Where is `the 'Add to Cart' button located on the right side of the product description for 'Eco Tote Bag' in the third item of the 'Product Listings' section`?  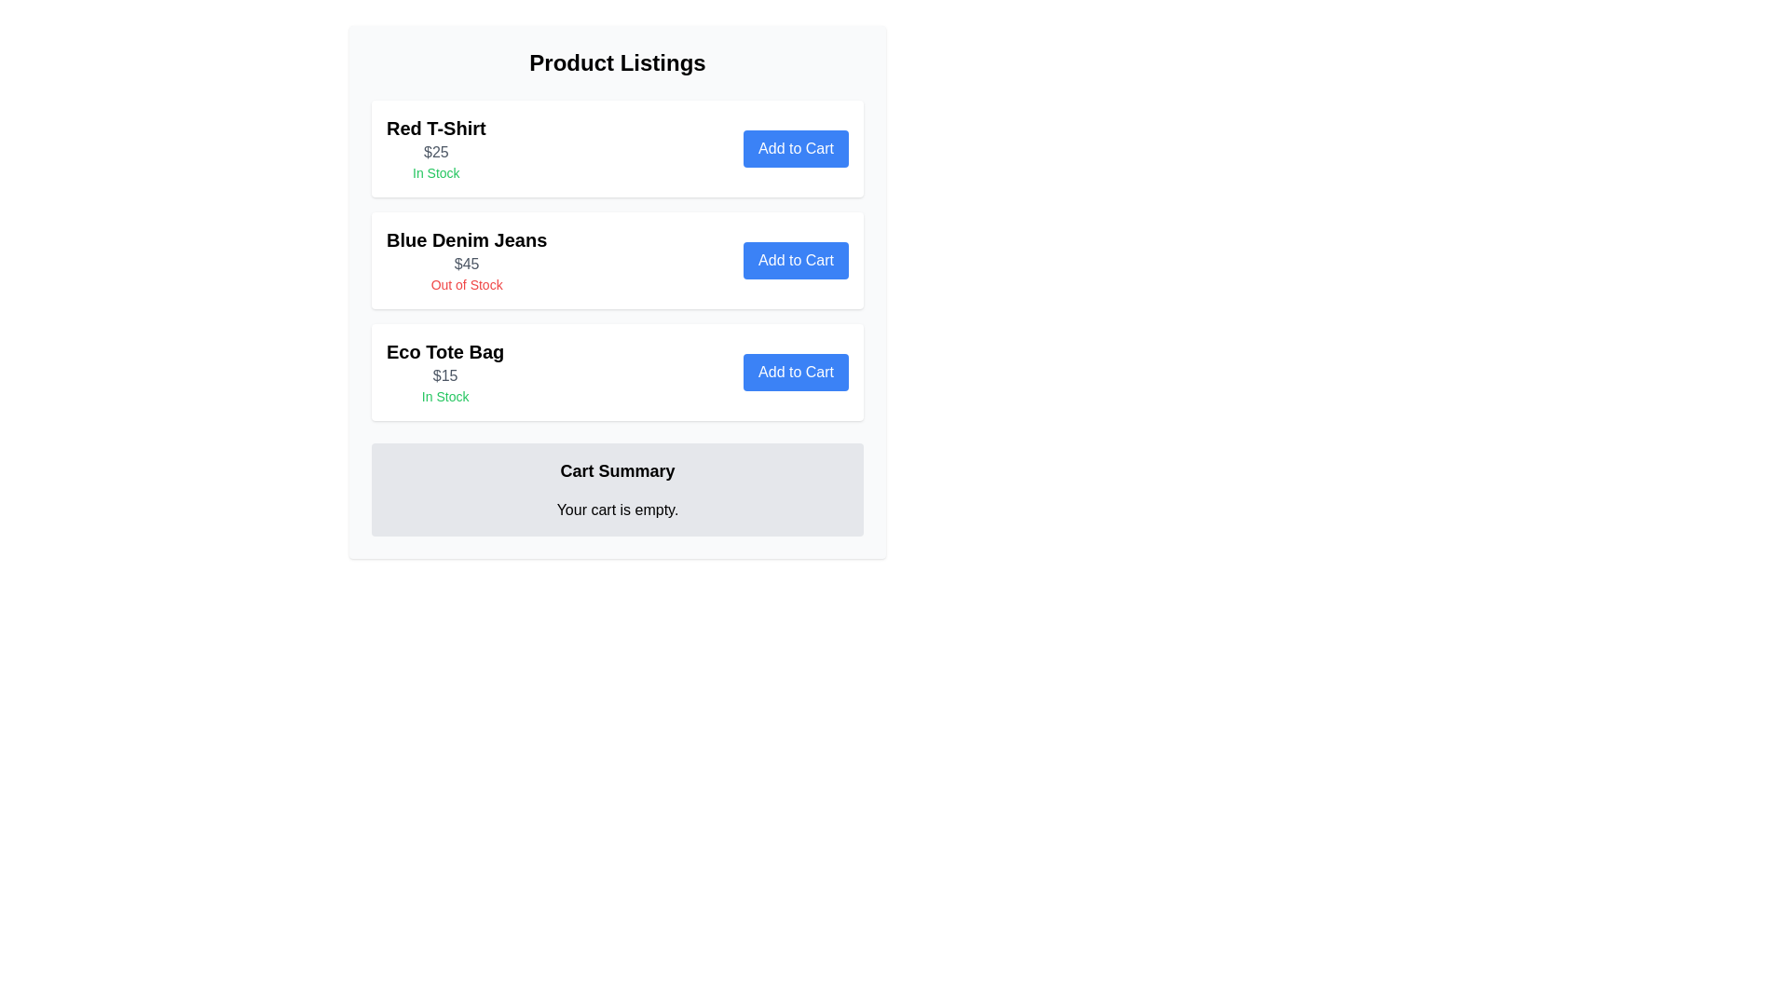
the 'Add to Cart' button located on the right side of the product description for 'Eco Tote Bag' in the third item of the 'Product Listings' section is located at coordinates (617, 373).